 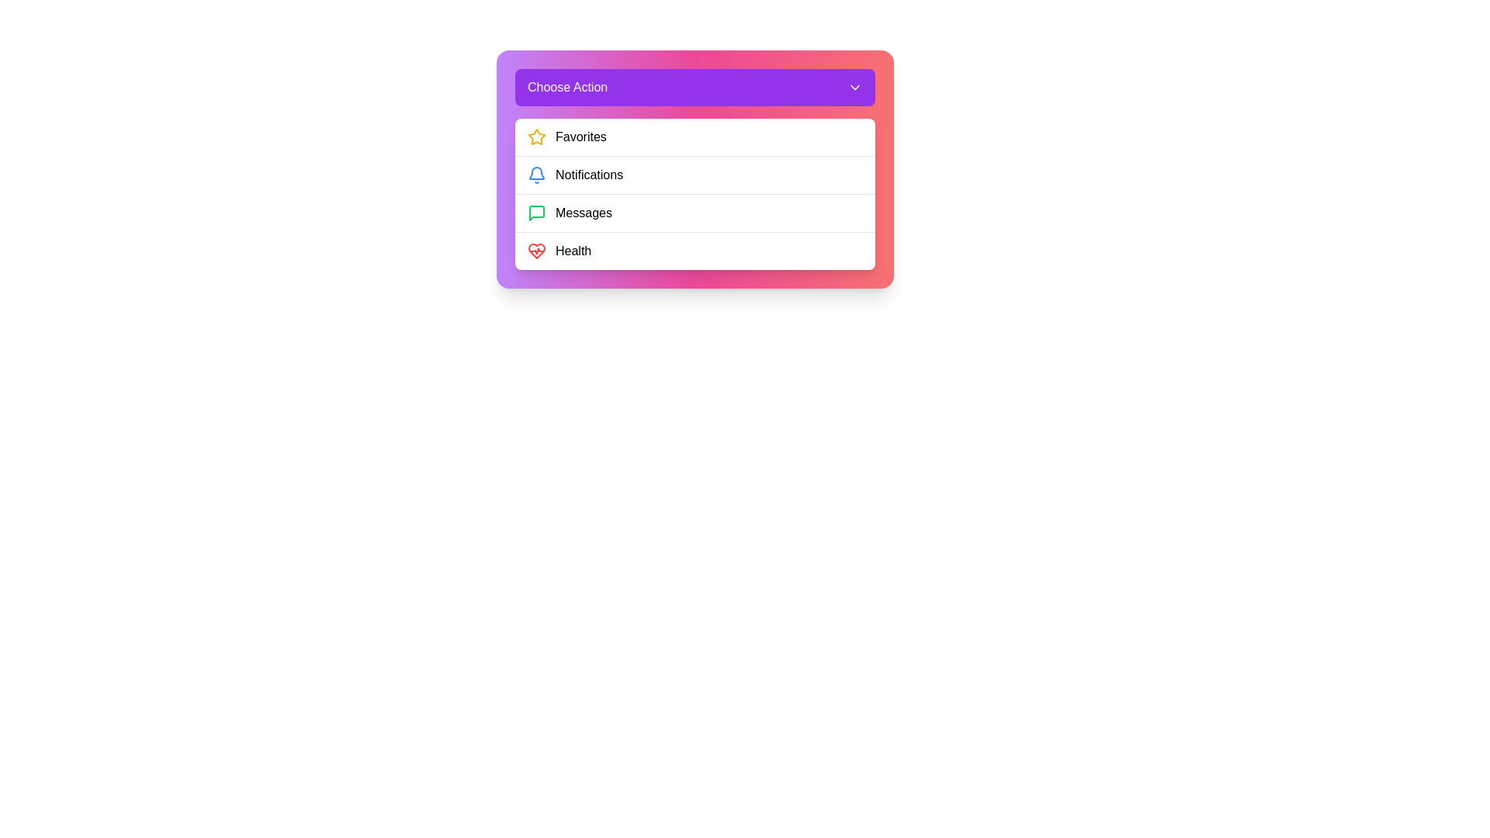 I want to click on the 'Messages' graphic icon in the action menu, which is a minimalistic speech bubble icon located in the third row of the list, so click(x=536, y=213).